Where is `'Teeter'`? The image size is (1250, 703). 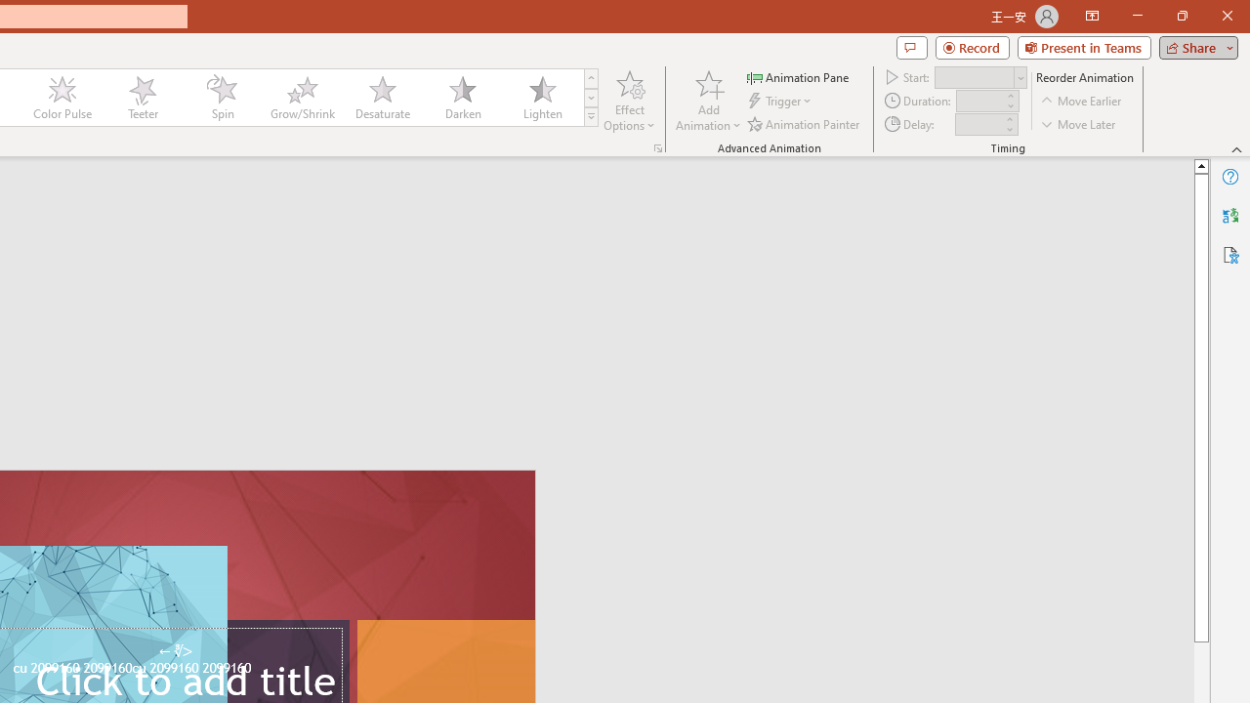
'Teeter' is located at coordinates (141, 98).